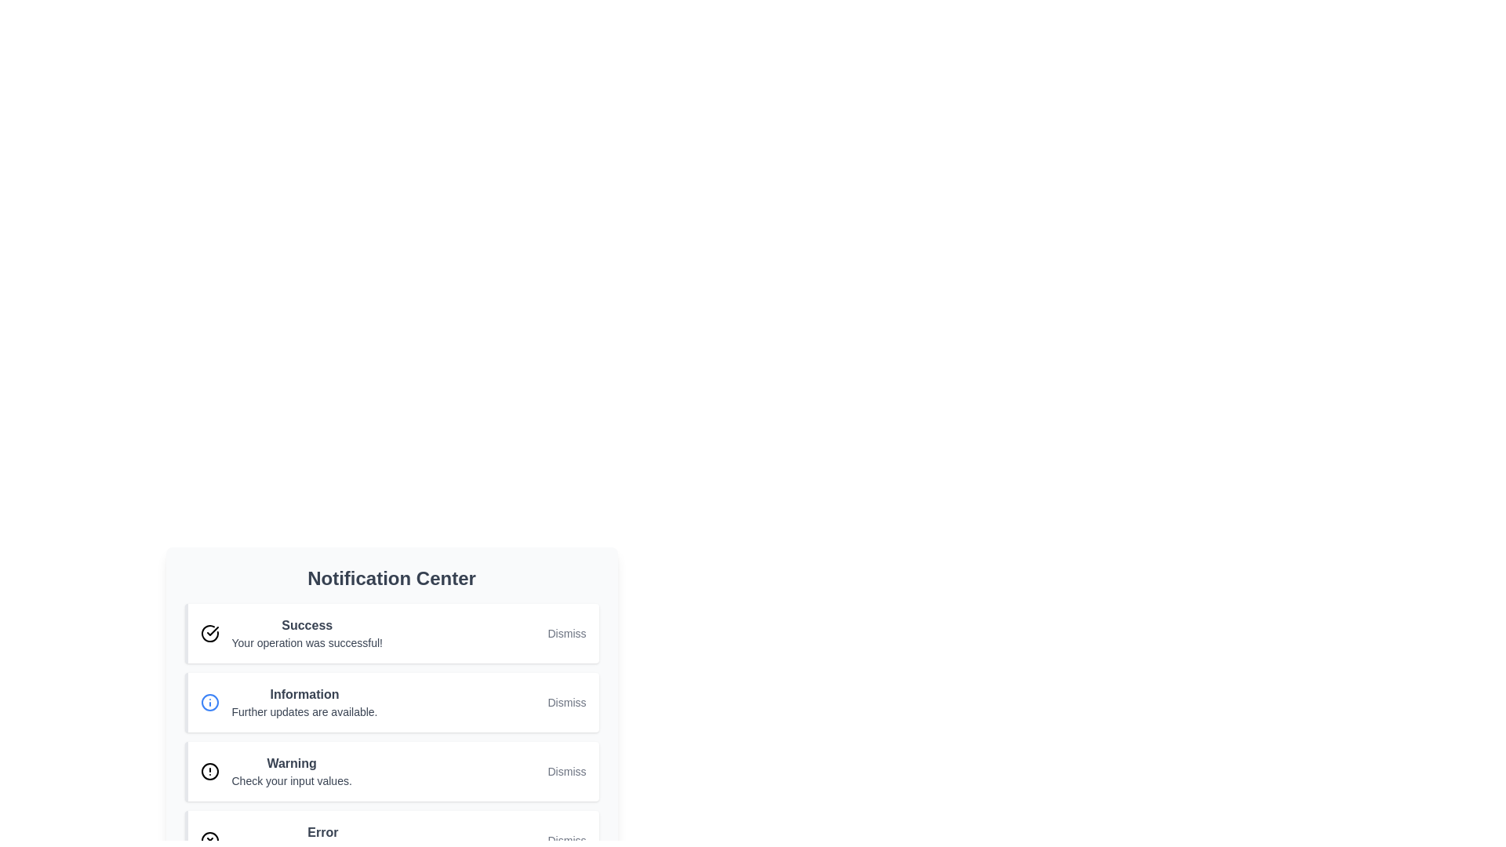 Image resolution: width=1506 pixels, height=847 pixels. I want to click on the warning context by focusing on the alert icon, which is a yellow warning symbol located to the left of the 'Warning' notification in the 'Notification Center' panel, so click(209, 770).